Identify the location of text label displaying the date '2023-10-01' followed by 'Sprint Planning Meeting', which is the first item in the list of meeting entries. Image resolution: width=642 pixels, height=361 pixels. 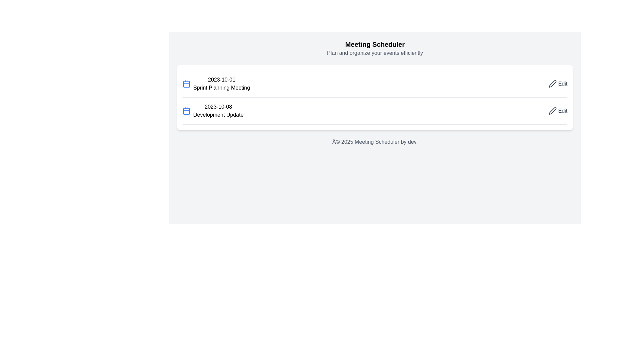
(221, 83).